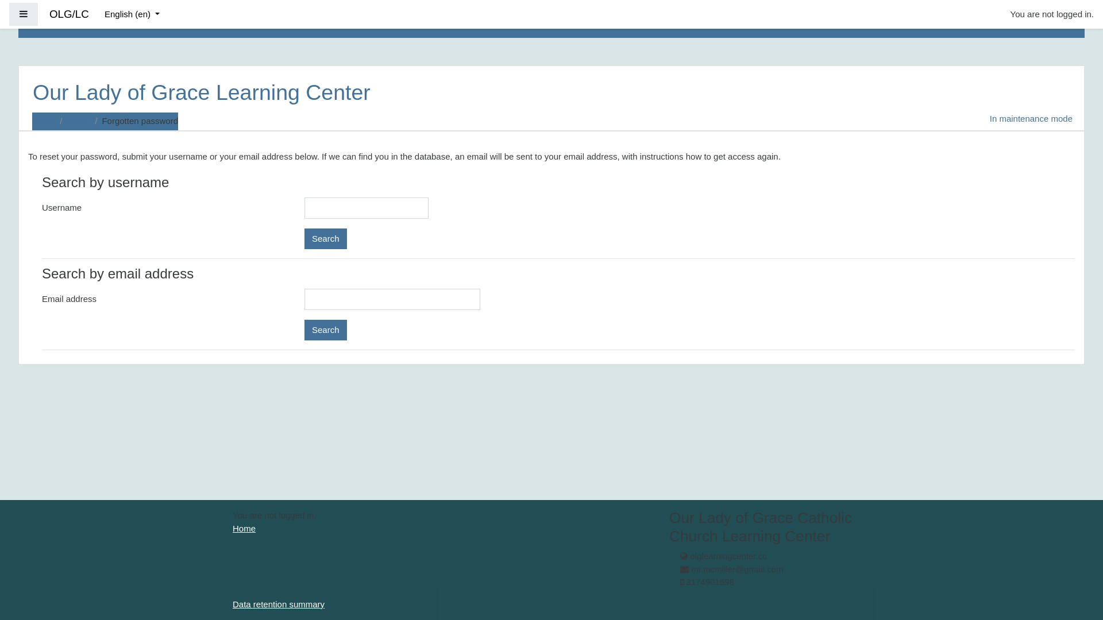 The image size is (1103, 620). What do you see at coordinates (325, 330) in the screenshot?
I see `'Search'` at bounding box center [325, 330].